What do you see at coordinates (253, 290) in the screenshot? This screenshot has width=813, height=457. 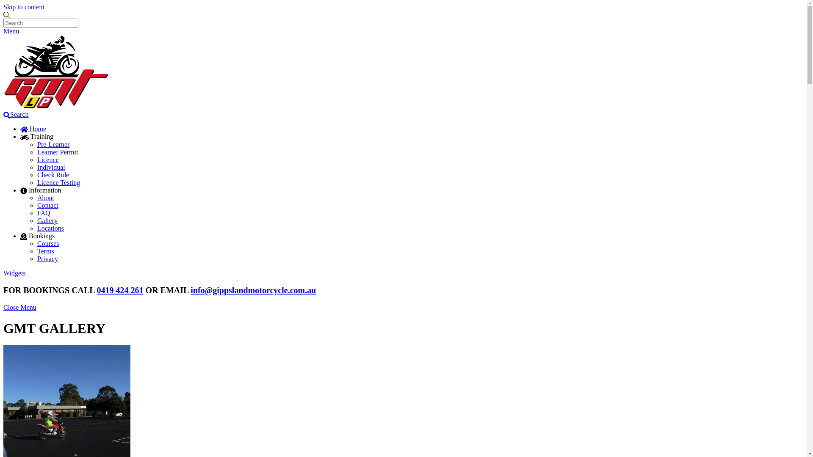 I see `'info@gippslandmotorcycle.com.au'` at bounding box center [253, 290].